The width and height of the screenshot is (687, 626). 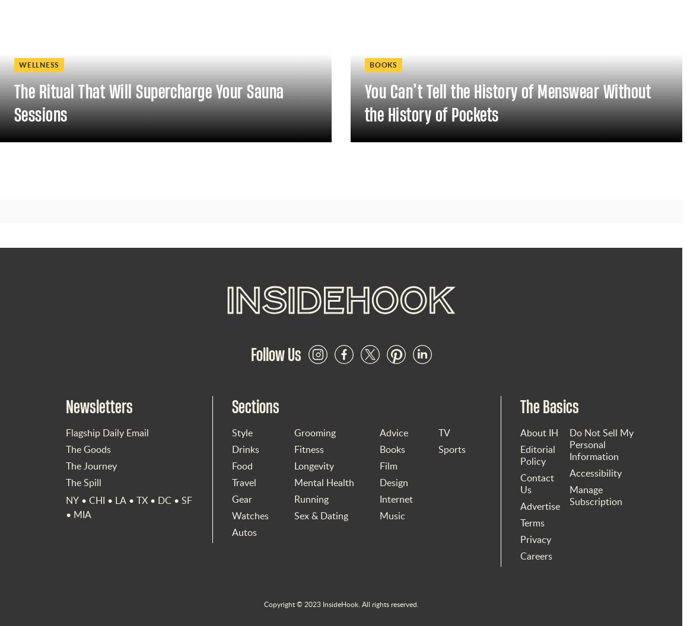 I want to click on 'Accessibility', so click(x=594, y=473).